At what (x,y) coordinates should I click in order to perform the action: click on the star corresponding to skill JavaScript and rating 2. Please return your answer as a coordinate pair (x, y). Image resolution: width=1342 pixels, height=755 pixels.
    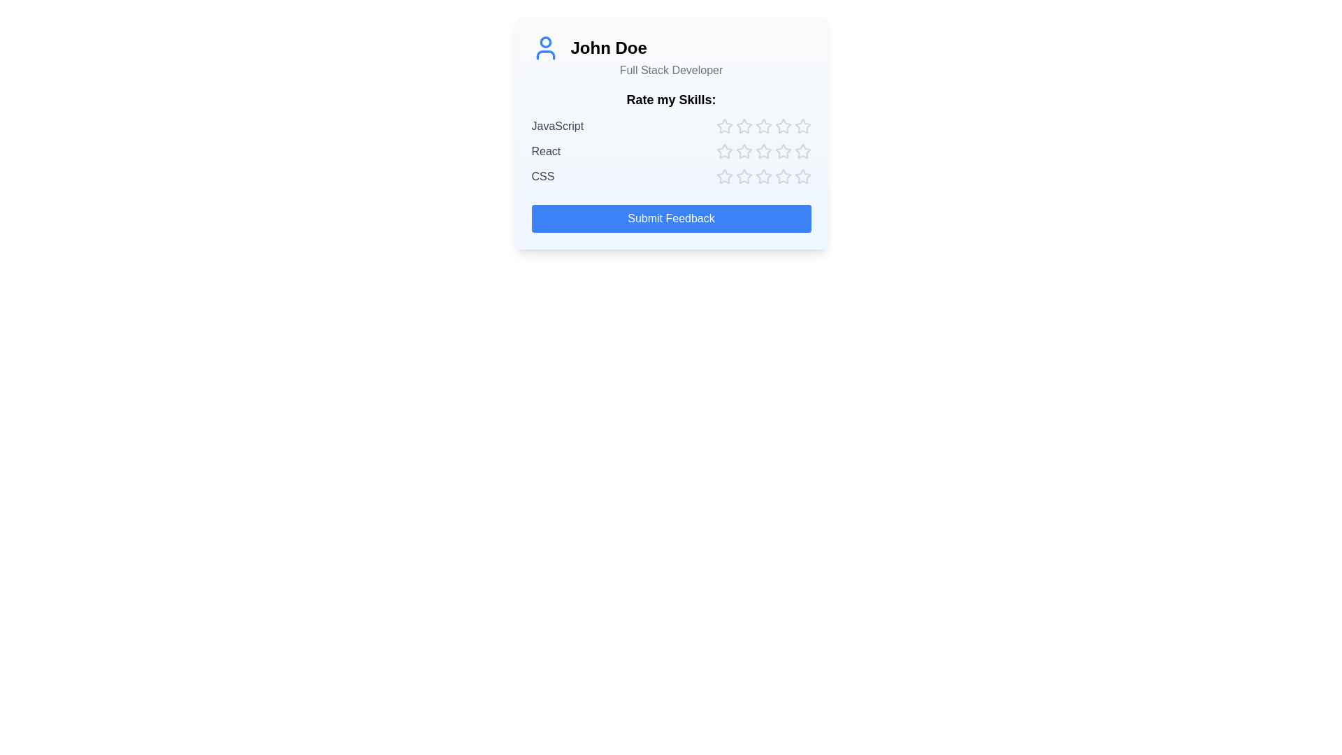
    Looking at the image, I should click on (743, 127).